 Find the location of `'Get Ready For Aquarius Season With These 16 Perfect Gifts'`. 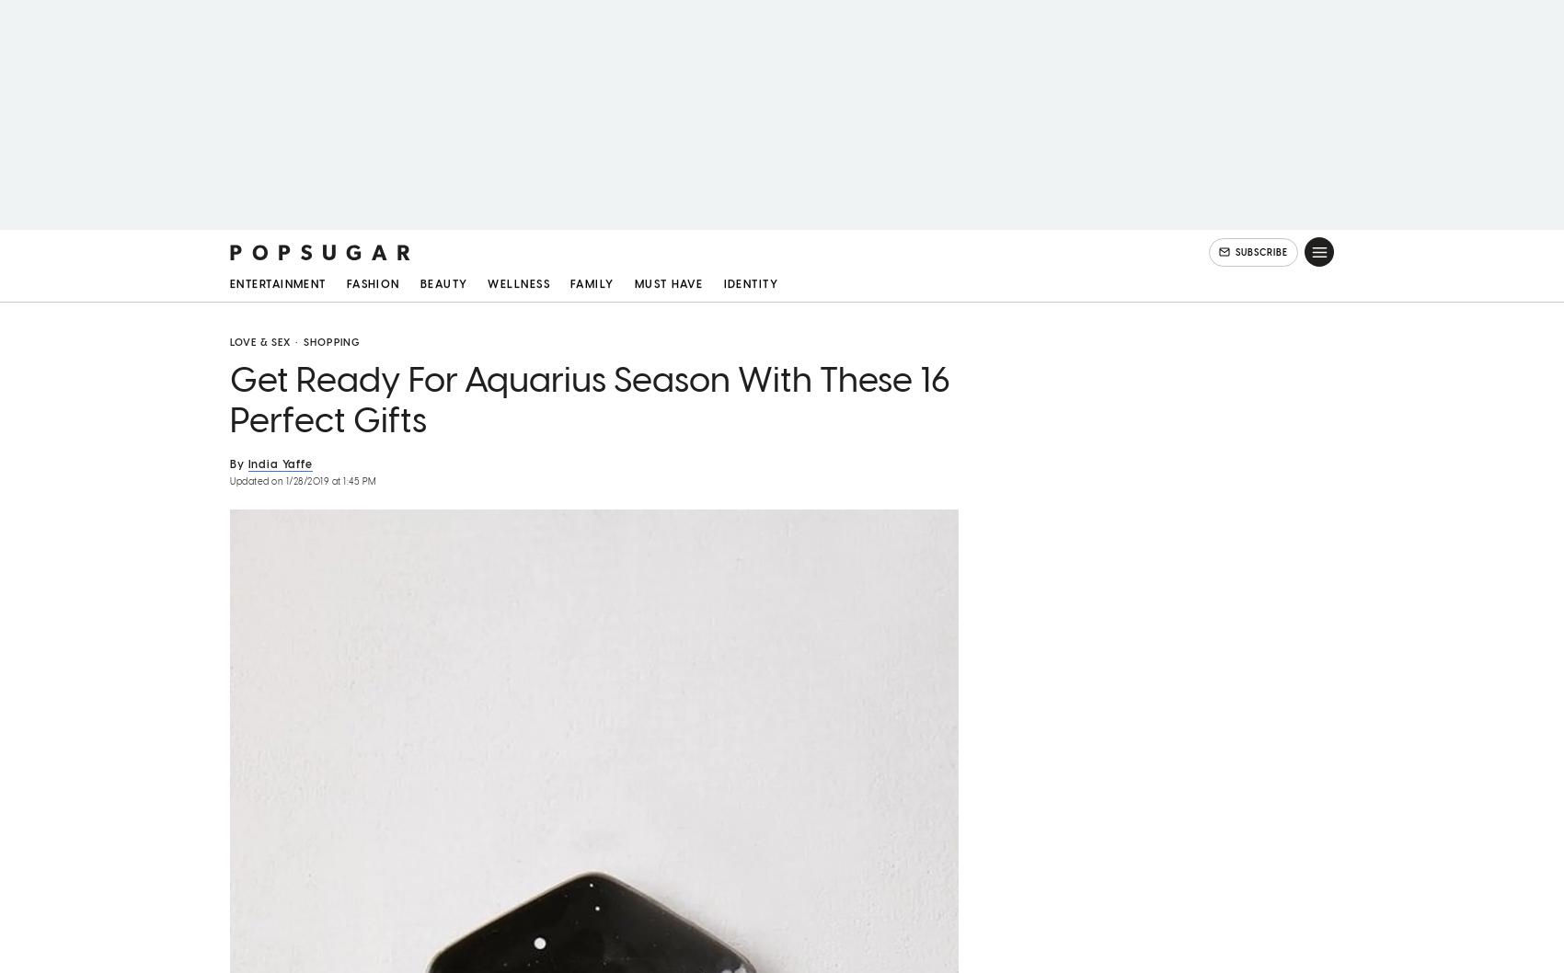

'Get Ready For Aquarius Season With These 16 Perfect Gifts' is located at coordinates (590, 405).